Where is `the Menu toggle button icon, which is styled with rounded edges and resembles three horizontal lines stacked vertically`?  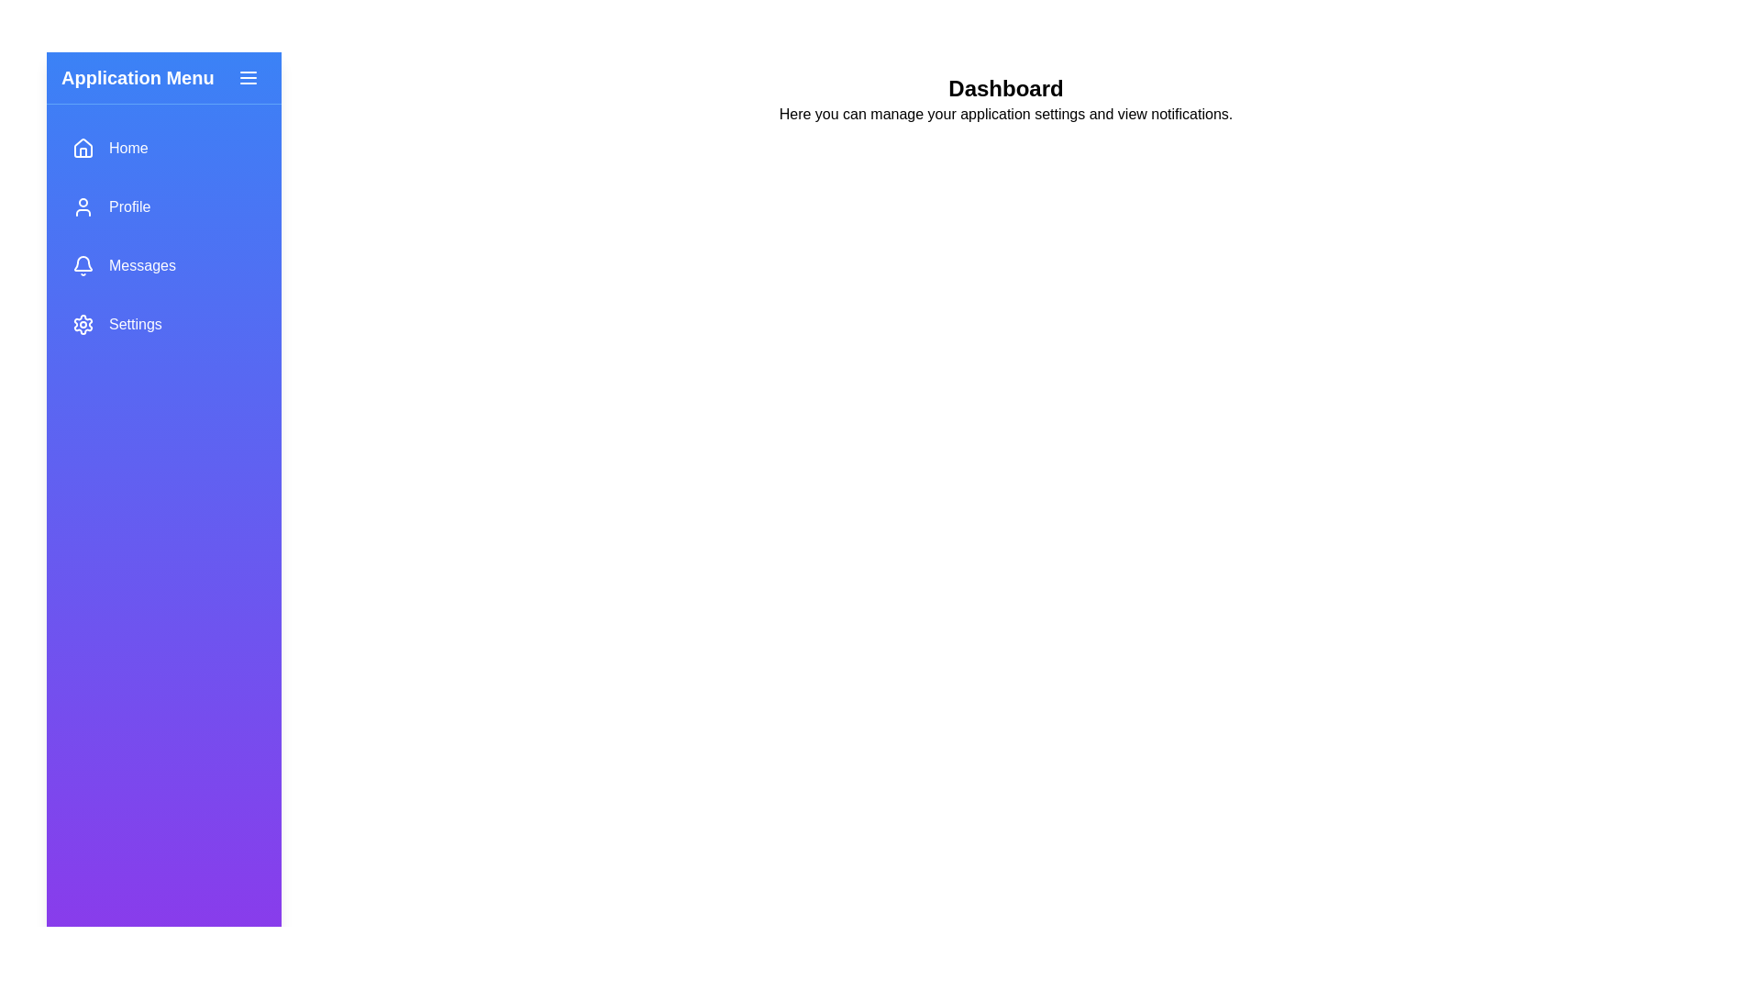 the Menu toggle button icon, which is styled with rounded edges and resembles three horizontal lines stacked vertically is located at coordinates (247, 76).